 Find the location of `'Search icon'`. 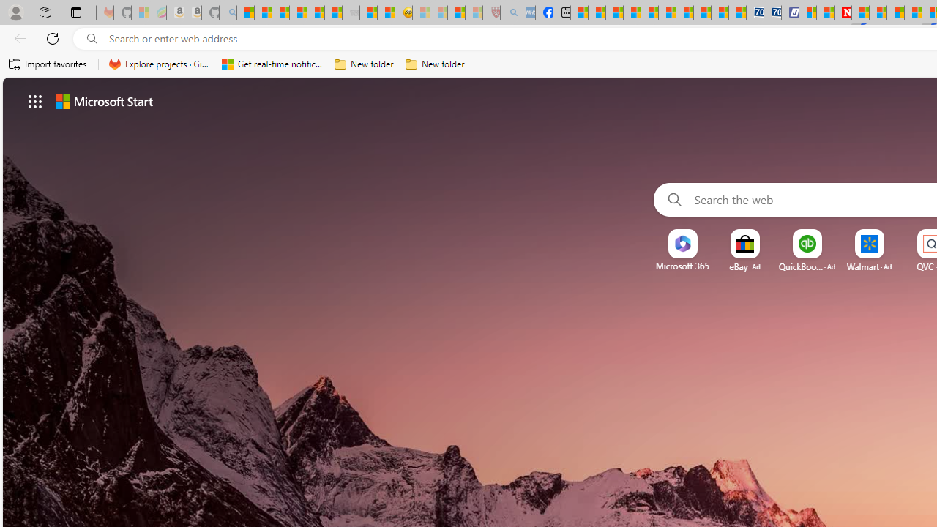

'Search icon' is located at coordinates (92, 38).